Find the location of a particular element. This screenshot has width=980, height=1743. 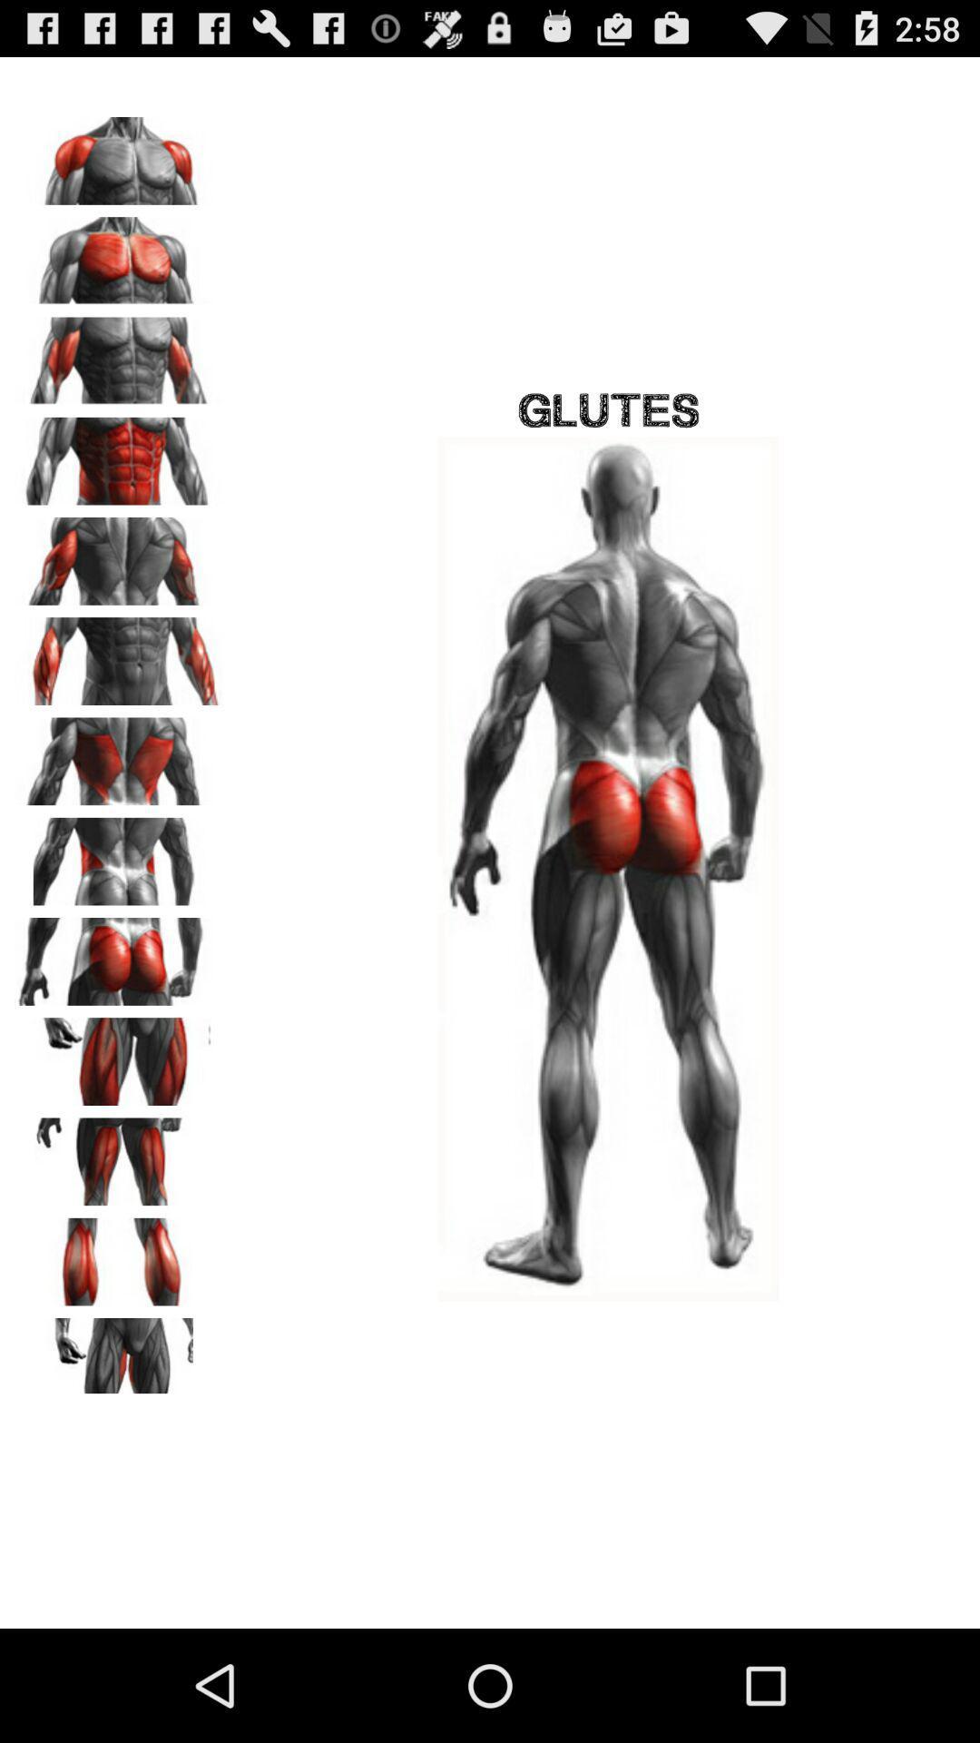

picture is located at coordinates (119, 1055).